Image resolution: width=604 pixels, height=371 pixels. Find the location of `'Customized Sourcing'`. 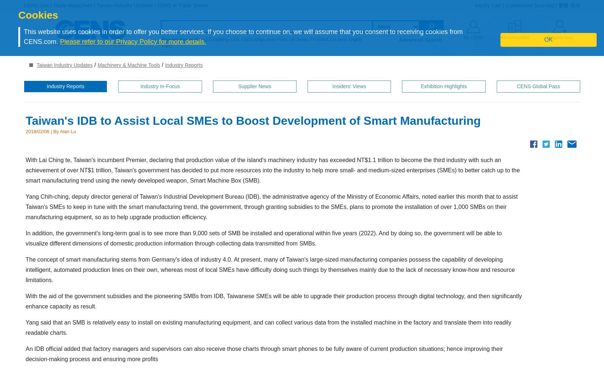

'Customized Sourcing' is located at coordinates (529, 5).